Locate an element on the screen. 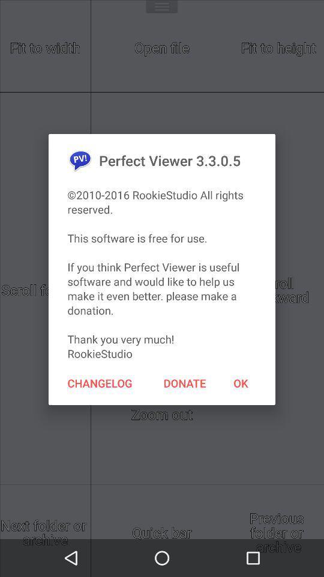 The image size is (324, 577). item to the right of the donate is located at coordinates (241, 382).